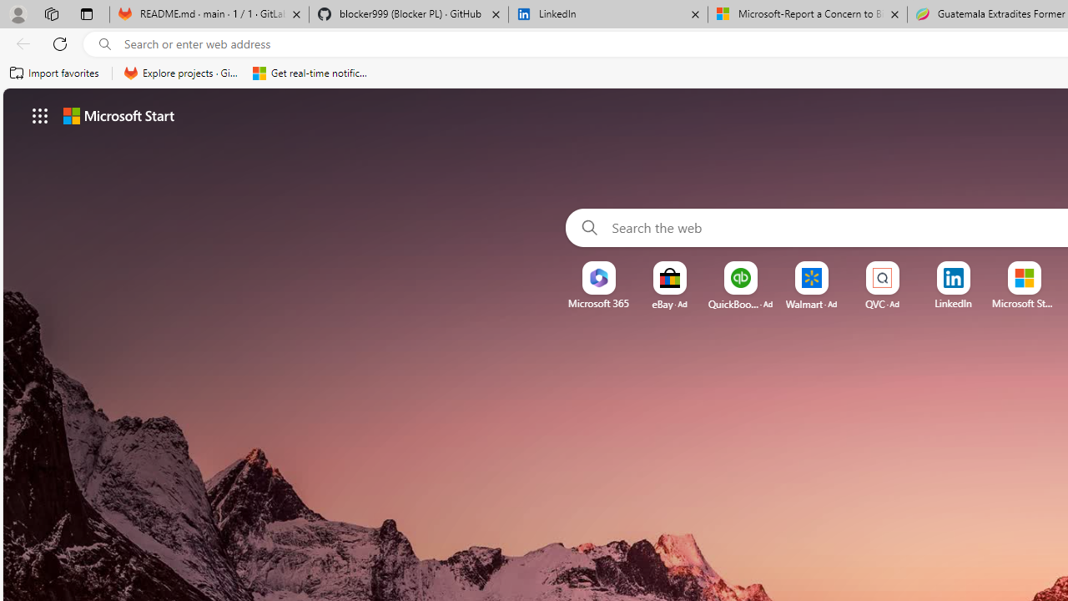 The width and height of the screenshot is (1068, 601). What do you see at coordinates (54, 73) in the screenshot?
I see `'Import favorites'` at bounding box center [54, 73].